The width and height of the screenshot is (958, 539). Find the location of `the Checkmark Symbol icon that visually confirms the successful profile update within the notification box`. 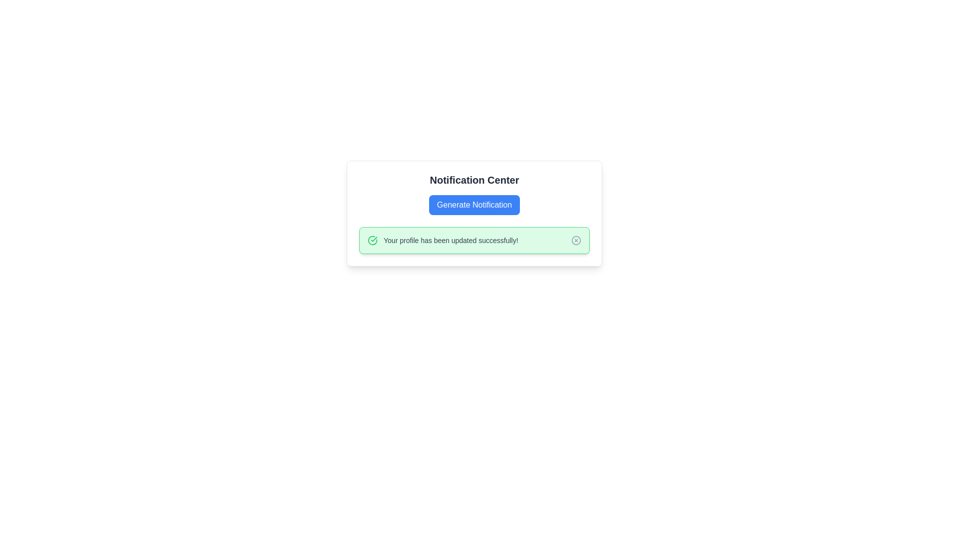

the Checkmark Symbol icon that visually confirms the successful profile update within the notification box is located at coordinates (372, 241).